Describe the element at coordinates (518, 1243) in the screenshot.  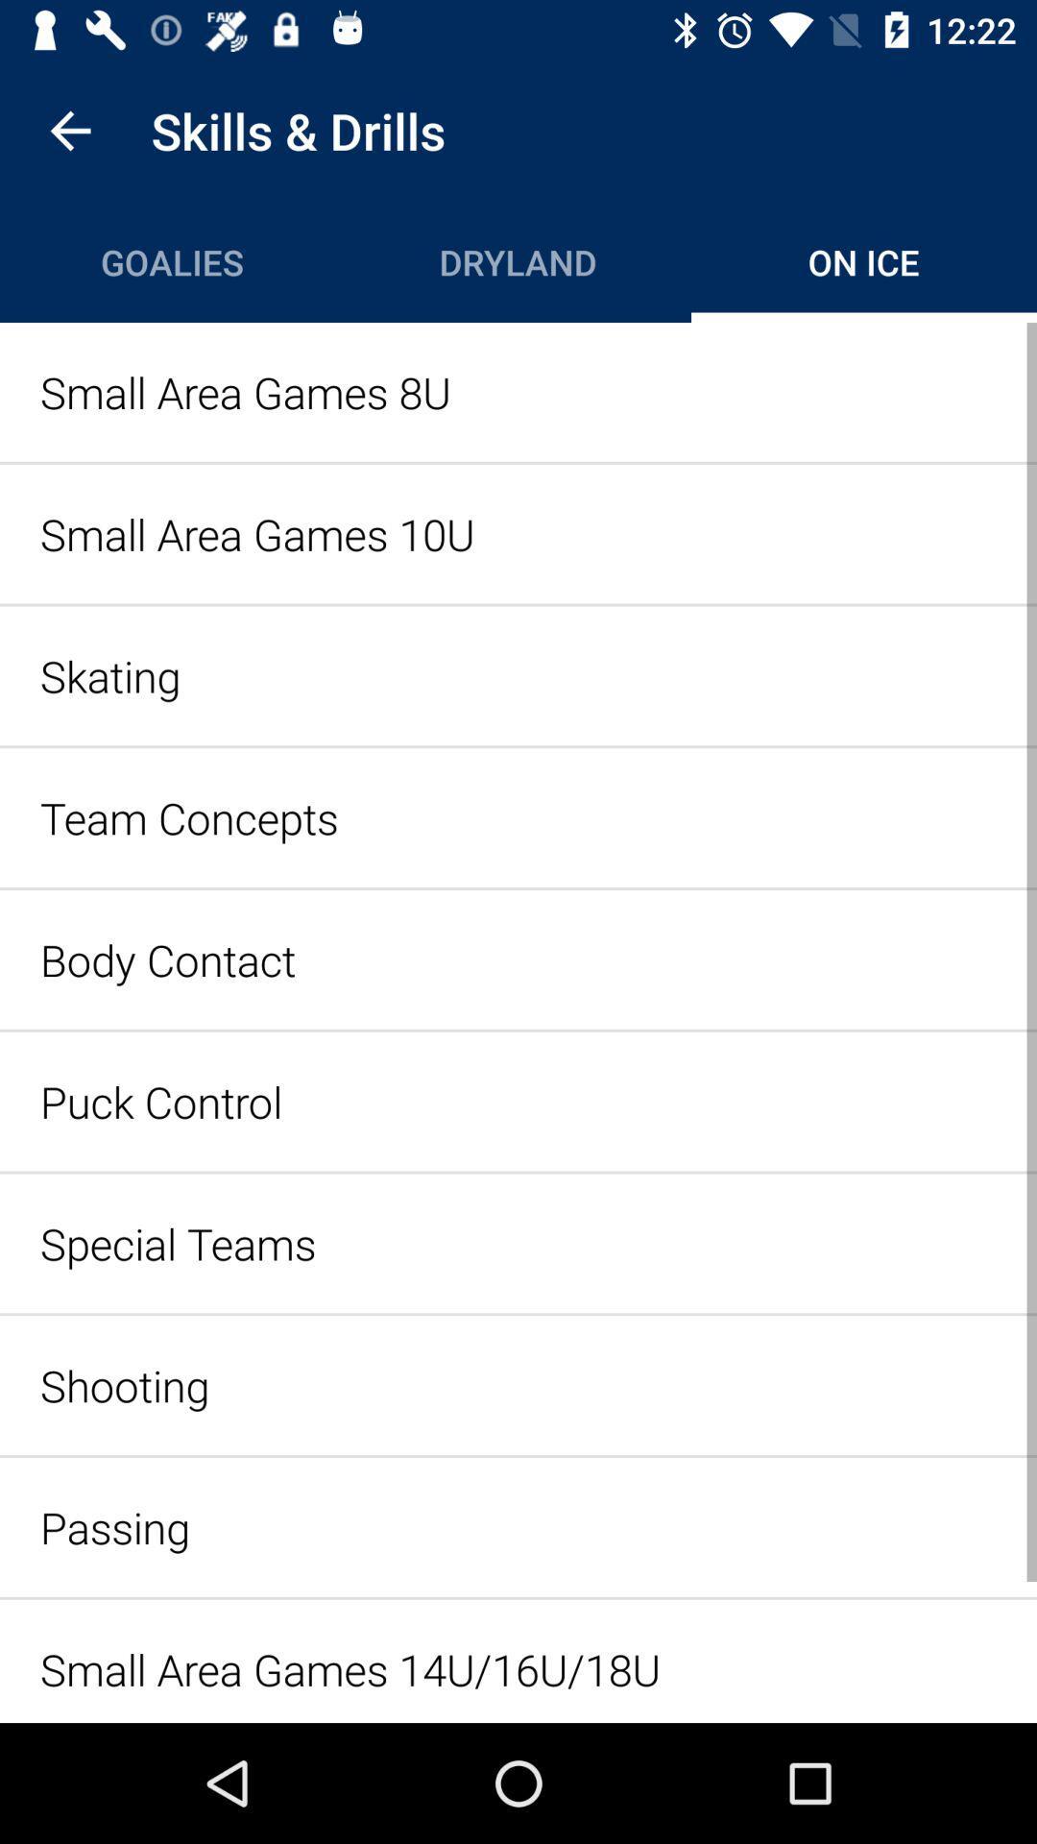
I see `item above the shooting item` at that location.